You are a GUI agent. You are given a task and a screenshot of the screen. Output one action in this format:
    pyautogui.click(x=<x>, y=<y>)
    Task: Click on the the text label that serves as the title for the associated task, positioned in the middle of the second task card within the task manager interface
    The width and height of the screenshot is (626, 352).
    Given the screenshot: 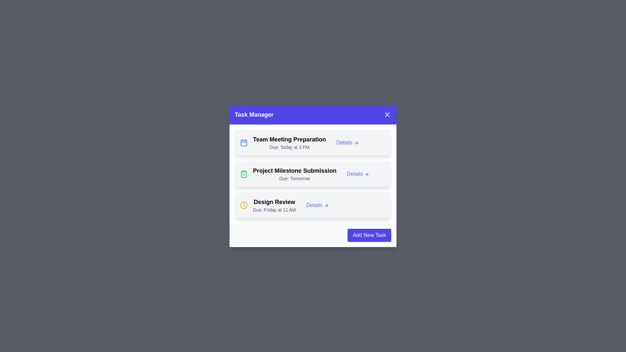 What is the action you would take?
    pyautogui.click(x=294, y=170)
    